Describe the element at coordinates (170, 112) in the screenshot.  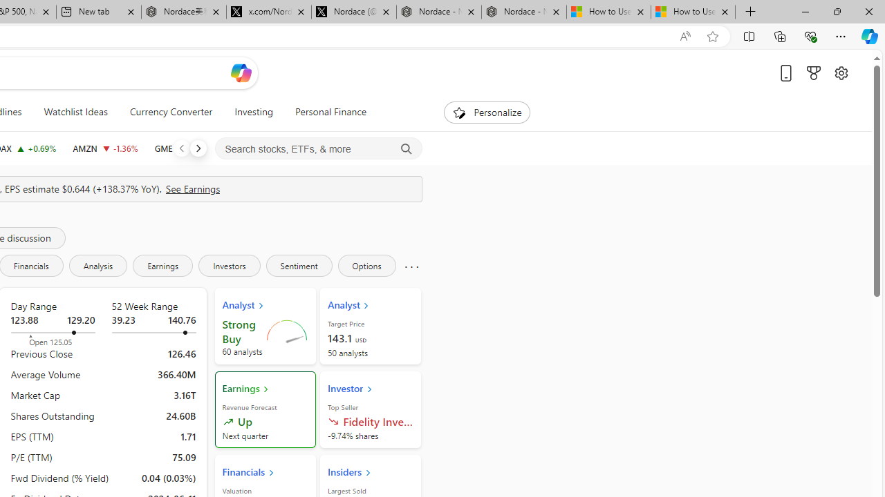
I see `'Currency Converter'` at that location.